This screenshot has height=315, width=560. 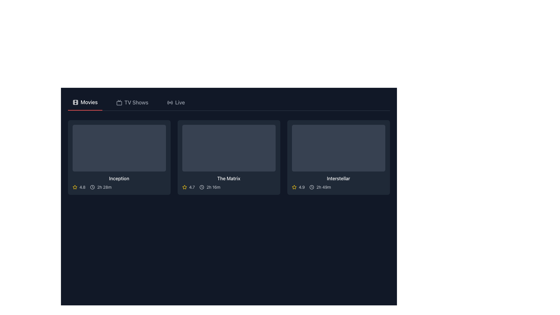 What do you see at coordinates (82, 187) in the screenshot?
I see `text content of the rating score label for the movie 'Inception', which is located in the leftmost column under the movie card` at bounding box center [82, 187].